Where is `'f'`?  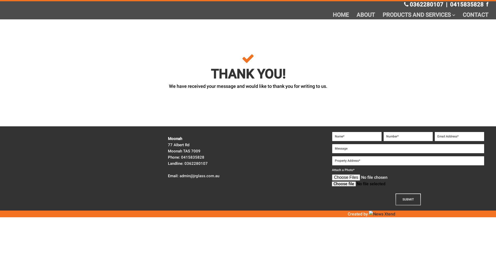 'f' is located at coordinates (486, 4).